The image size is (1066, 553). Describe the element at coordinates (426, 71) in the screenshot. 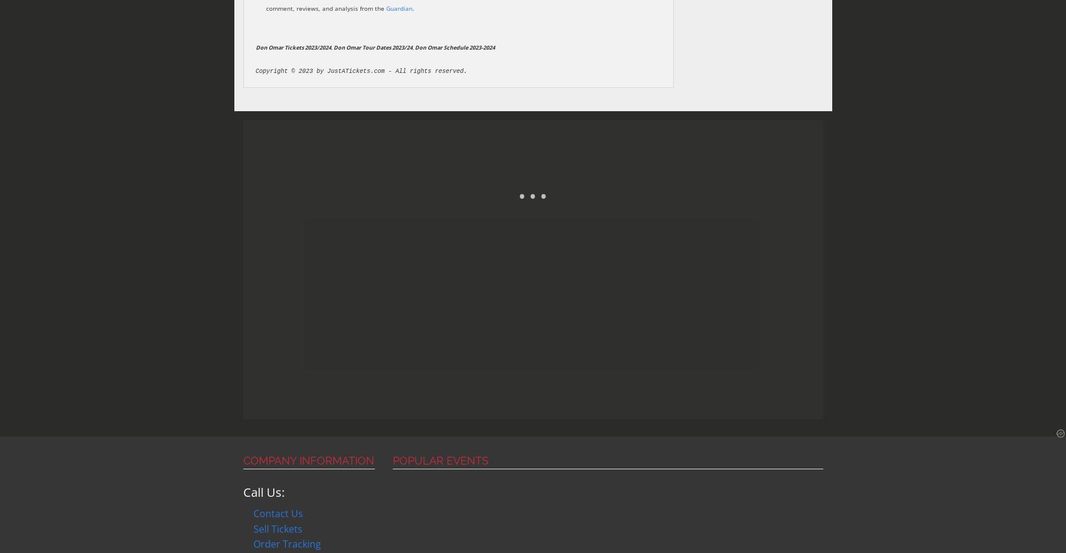

I see `'All rights reserved'` at that location.